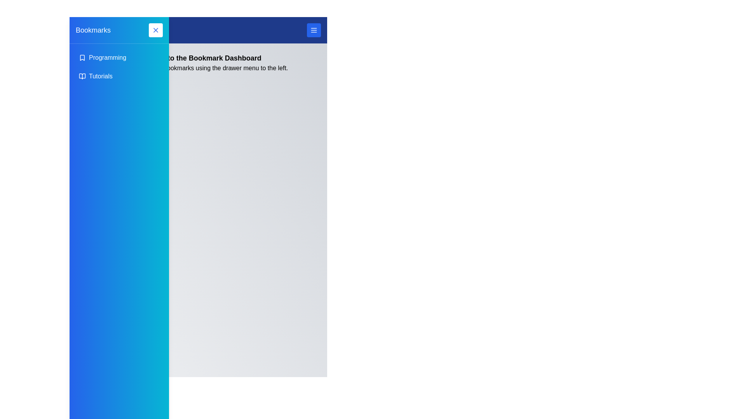 The image size is (746, 419). Describe the element at coordinates (314, 29) in the screenshot. I see `the menu icon button located in the top-right corner of the navigation panel` at that location.